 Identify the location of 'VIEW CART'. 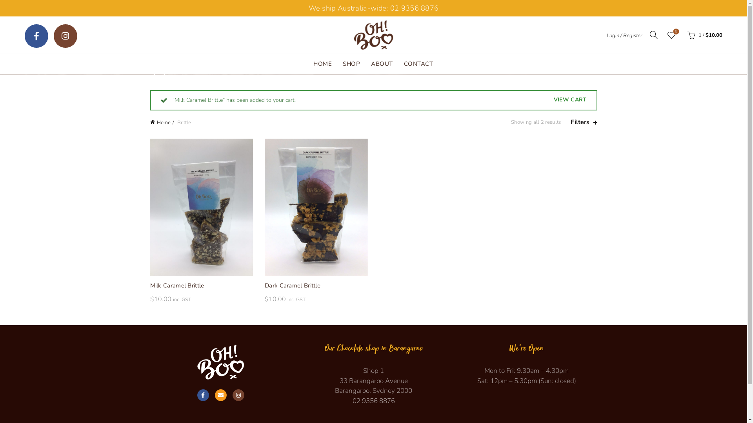
(570, 99).